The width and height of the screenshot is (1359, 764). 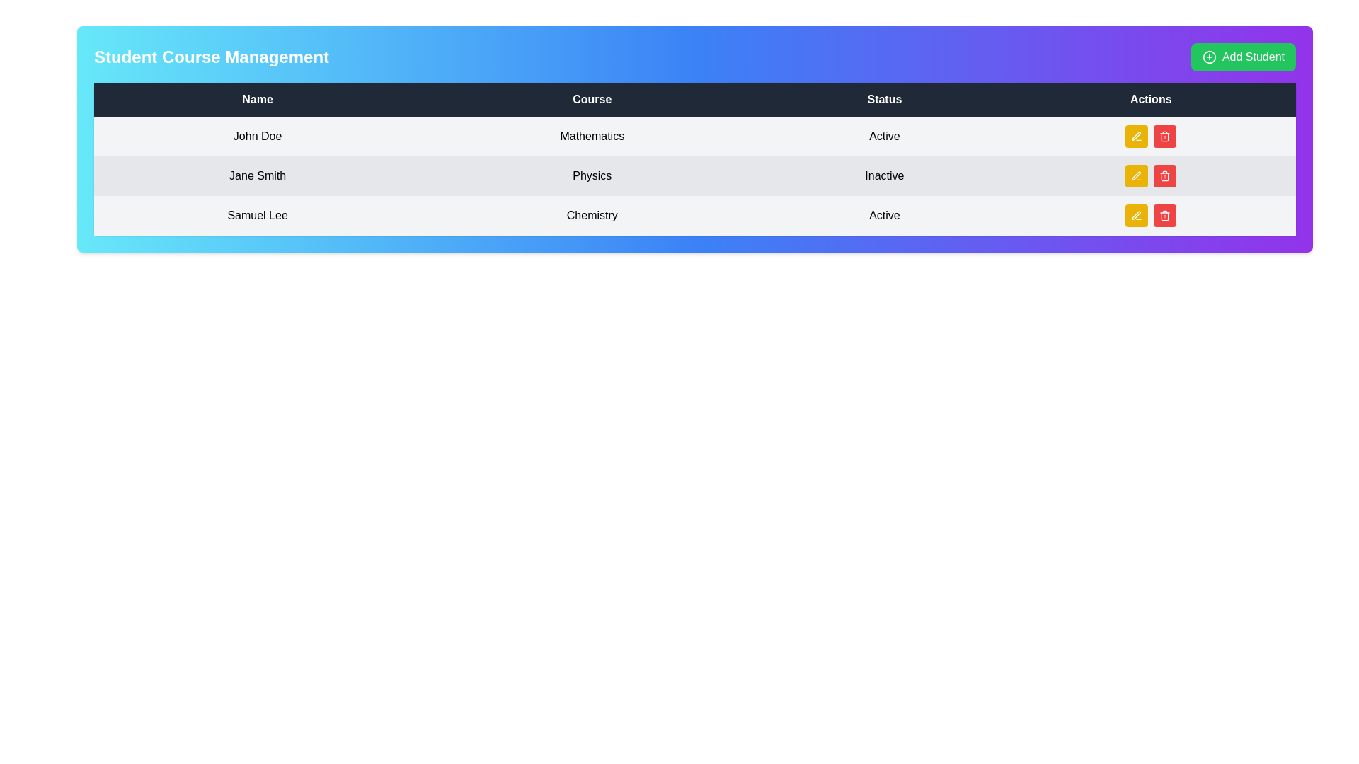 What do you see at coordinates (1165, 136) in the screenshot?
I see `the trash can icon button with a red background and white graphic located in the third row under the 'Actions' column` at bounding box center [1165, 136].